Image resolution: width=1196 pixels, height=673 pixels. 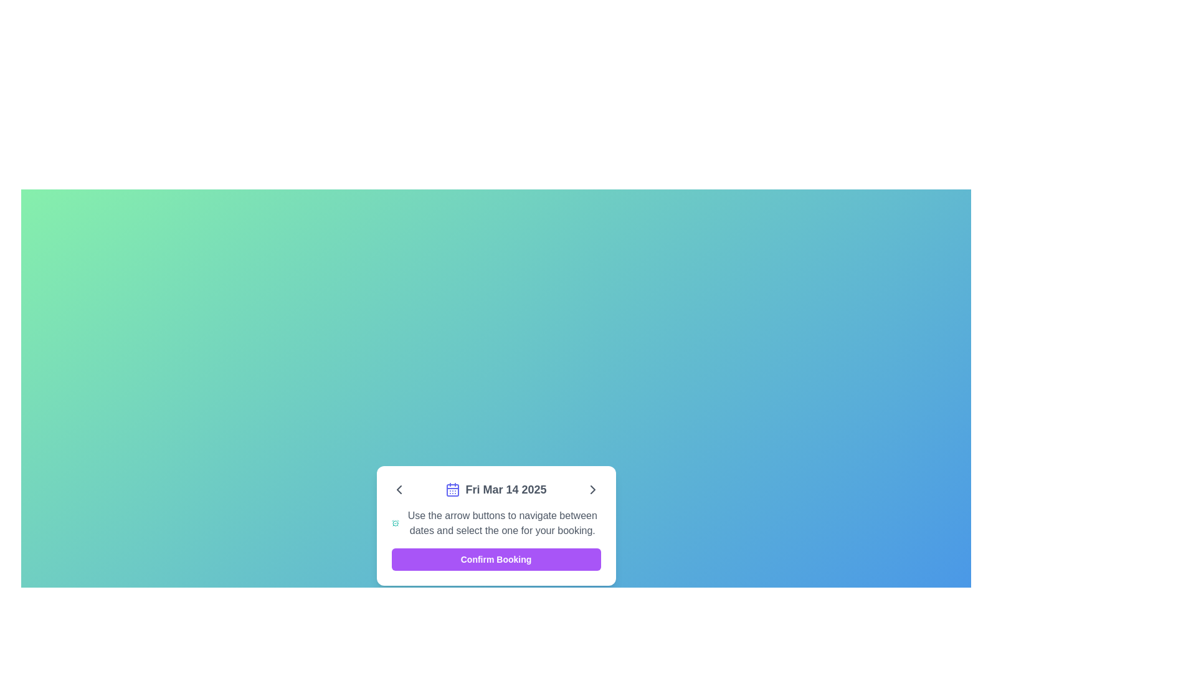 I want to click on the text indicating the selected date from the calendar navigation located at the bottom center of the dialog box, positioned to the right of the calendar icon and flanked by two arrow buttons, so click(x=506, y=489).